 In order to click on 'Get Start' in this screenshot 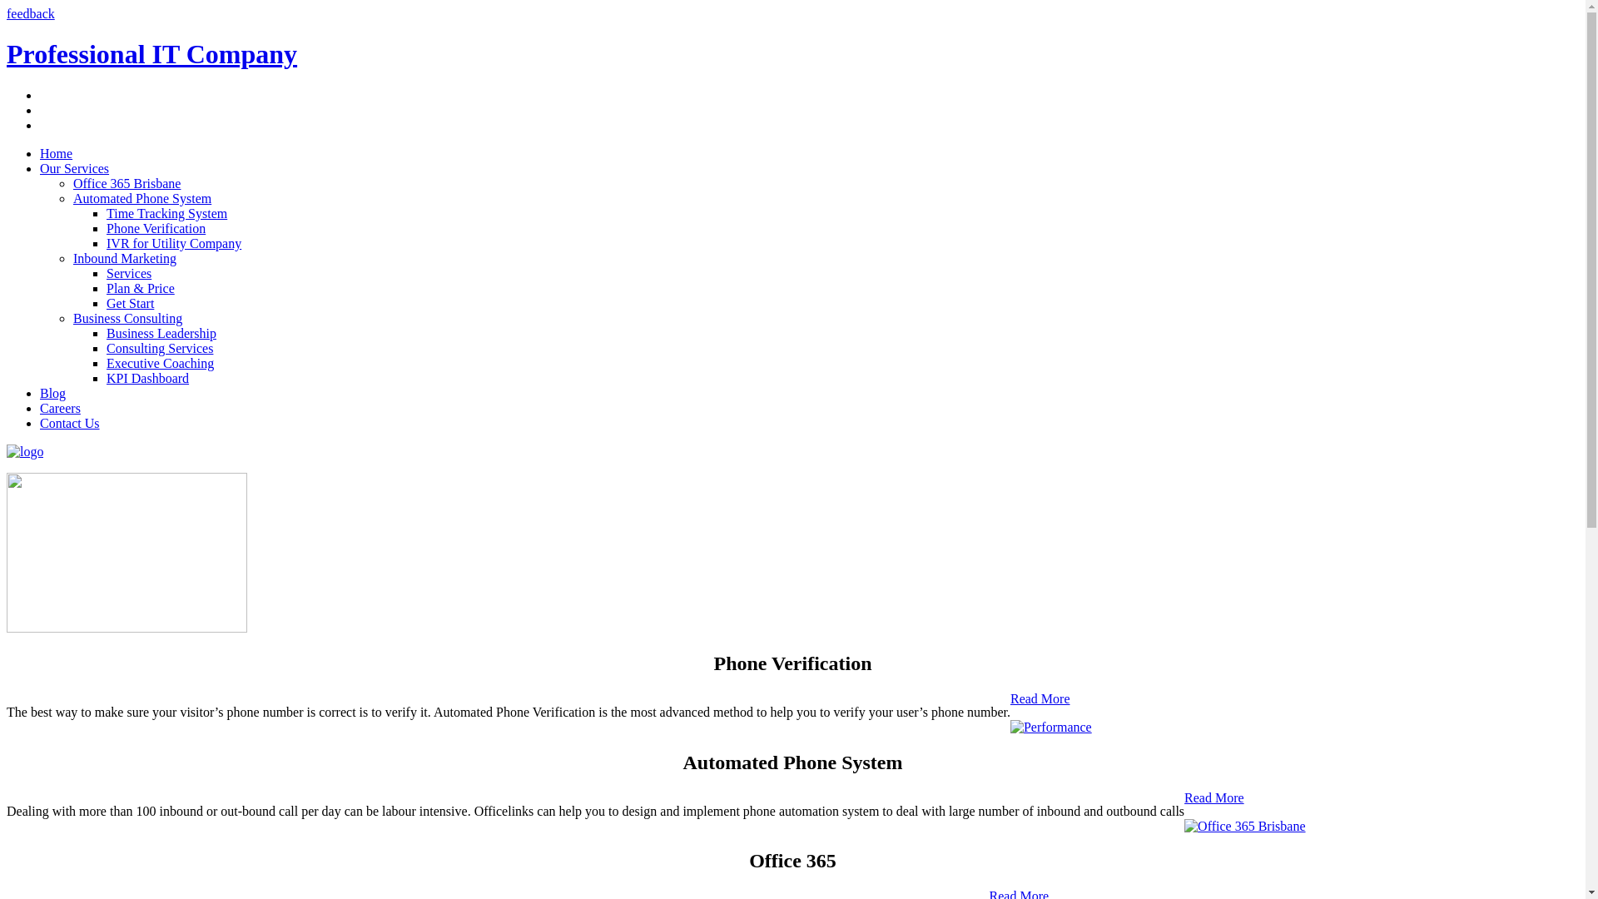, I will do `click(129, 303)`.